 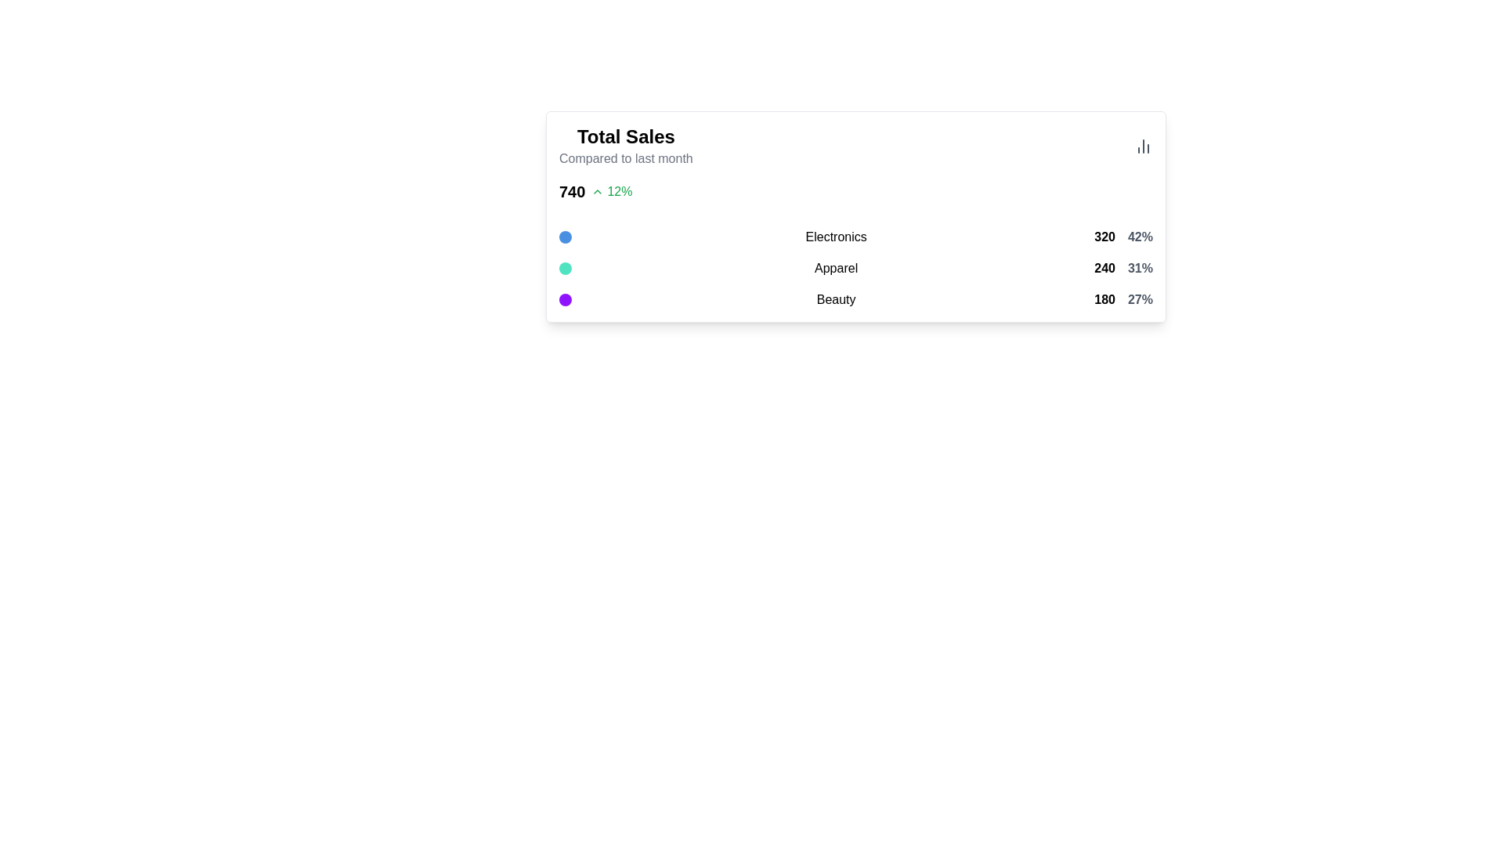 What do you see at coordinates (625, 159) in the screenshot?
I see `text from the Text Label positioned below the header 'Total Sales', which provides a relative comparison of the displayed metric with the past month` at bounding box center [625, 159].